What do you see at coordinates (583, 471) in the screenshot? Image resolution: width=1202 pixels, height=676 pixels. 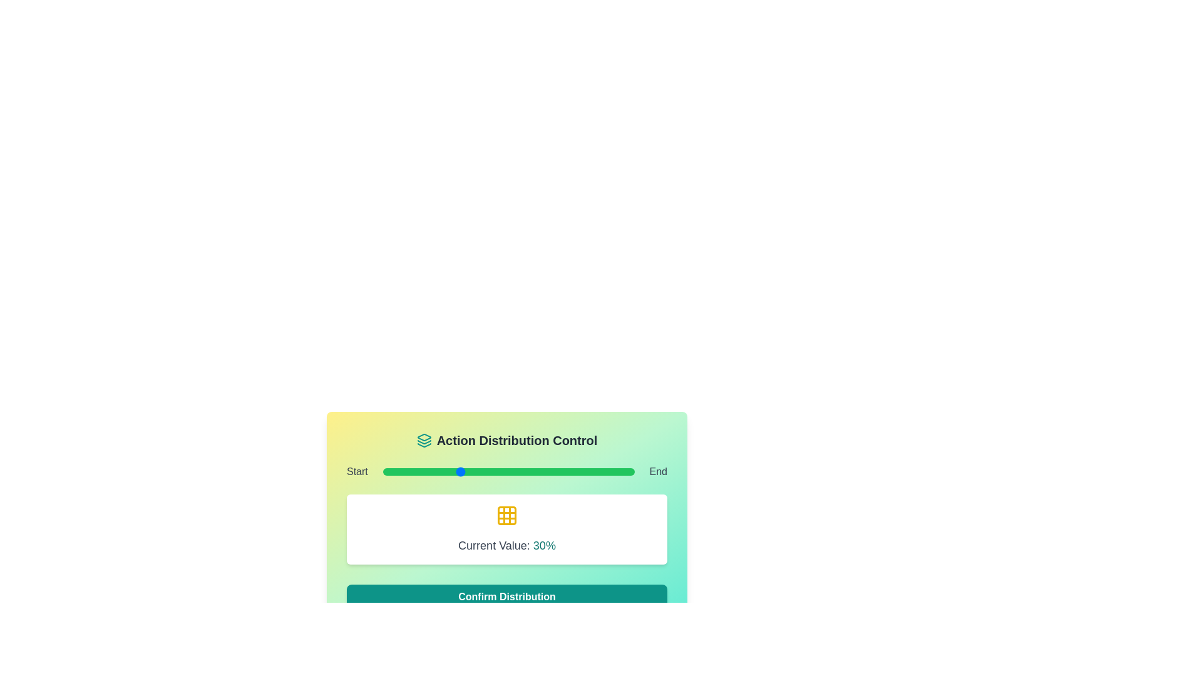 I see `the slider to set its value to 80%` at bounding box center [583, 471].